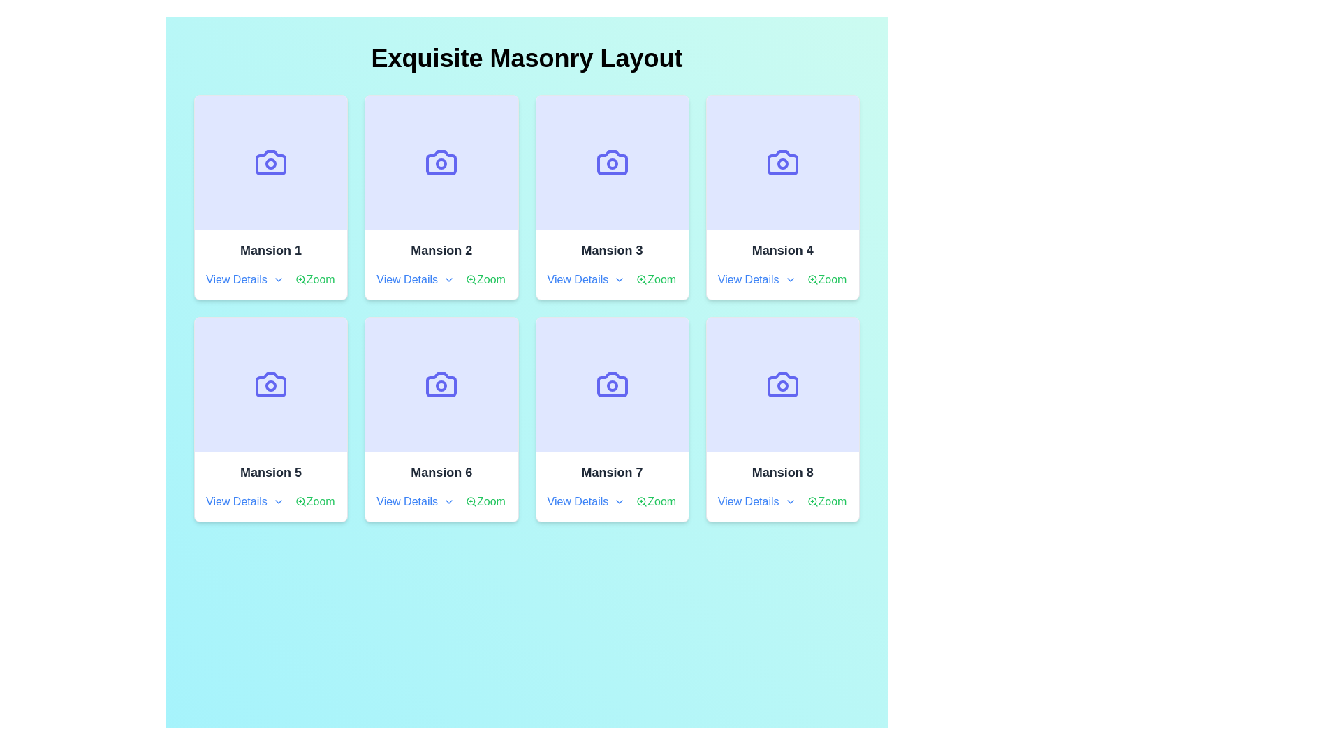  What do you see at coordinates (271, 385) in the screenshot?
I see `the decorative icon representing photography-related content in the 'Mansion 5' card, located in the lower-left content section of the grid layout` at bounding box center [271, 385].